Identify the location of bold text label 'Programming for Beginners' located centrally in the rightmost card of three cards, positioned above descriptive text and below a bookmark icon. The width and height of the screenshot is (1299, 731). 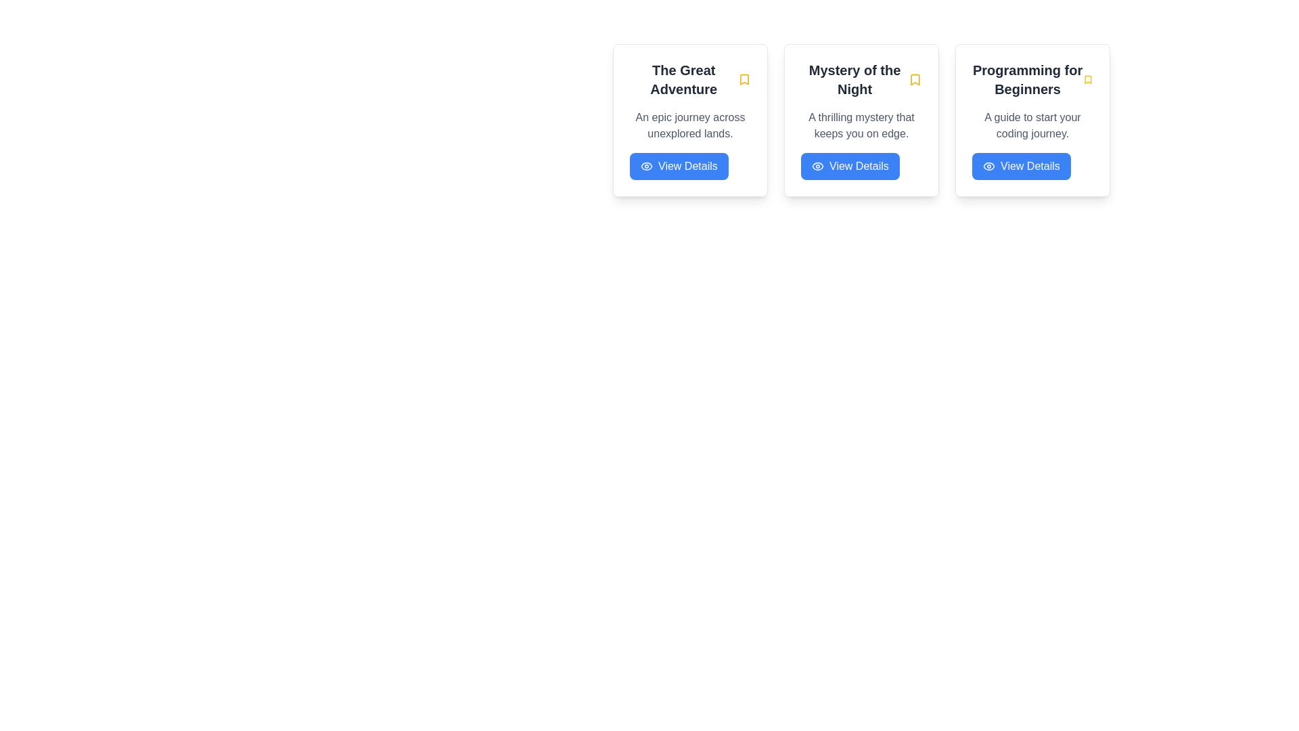
(1028, 80).